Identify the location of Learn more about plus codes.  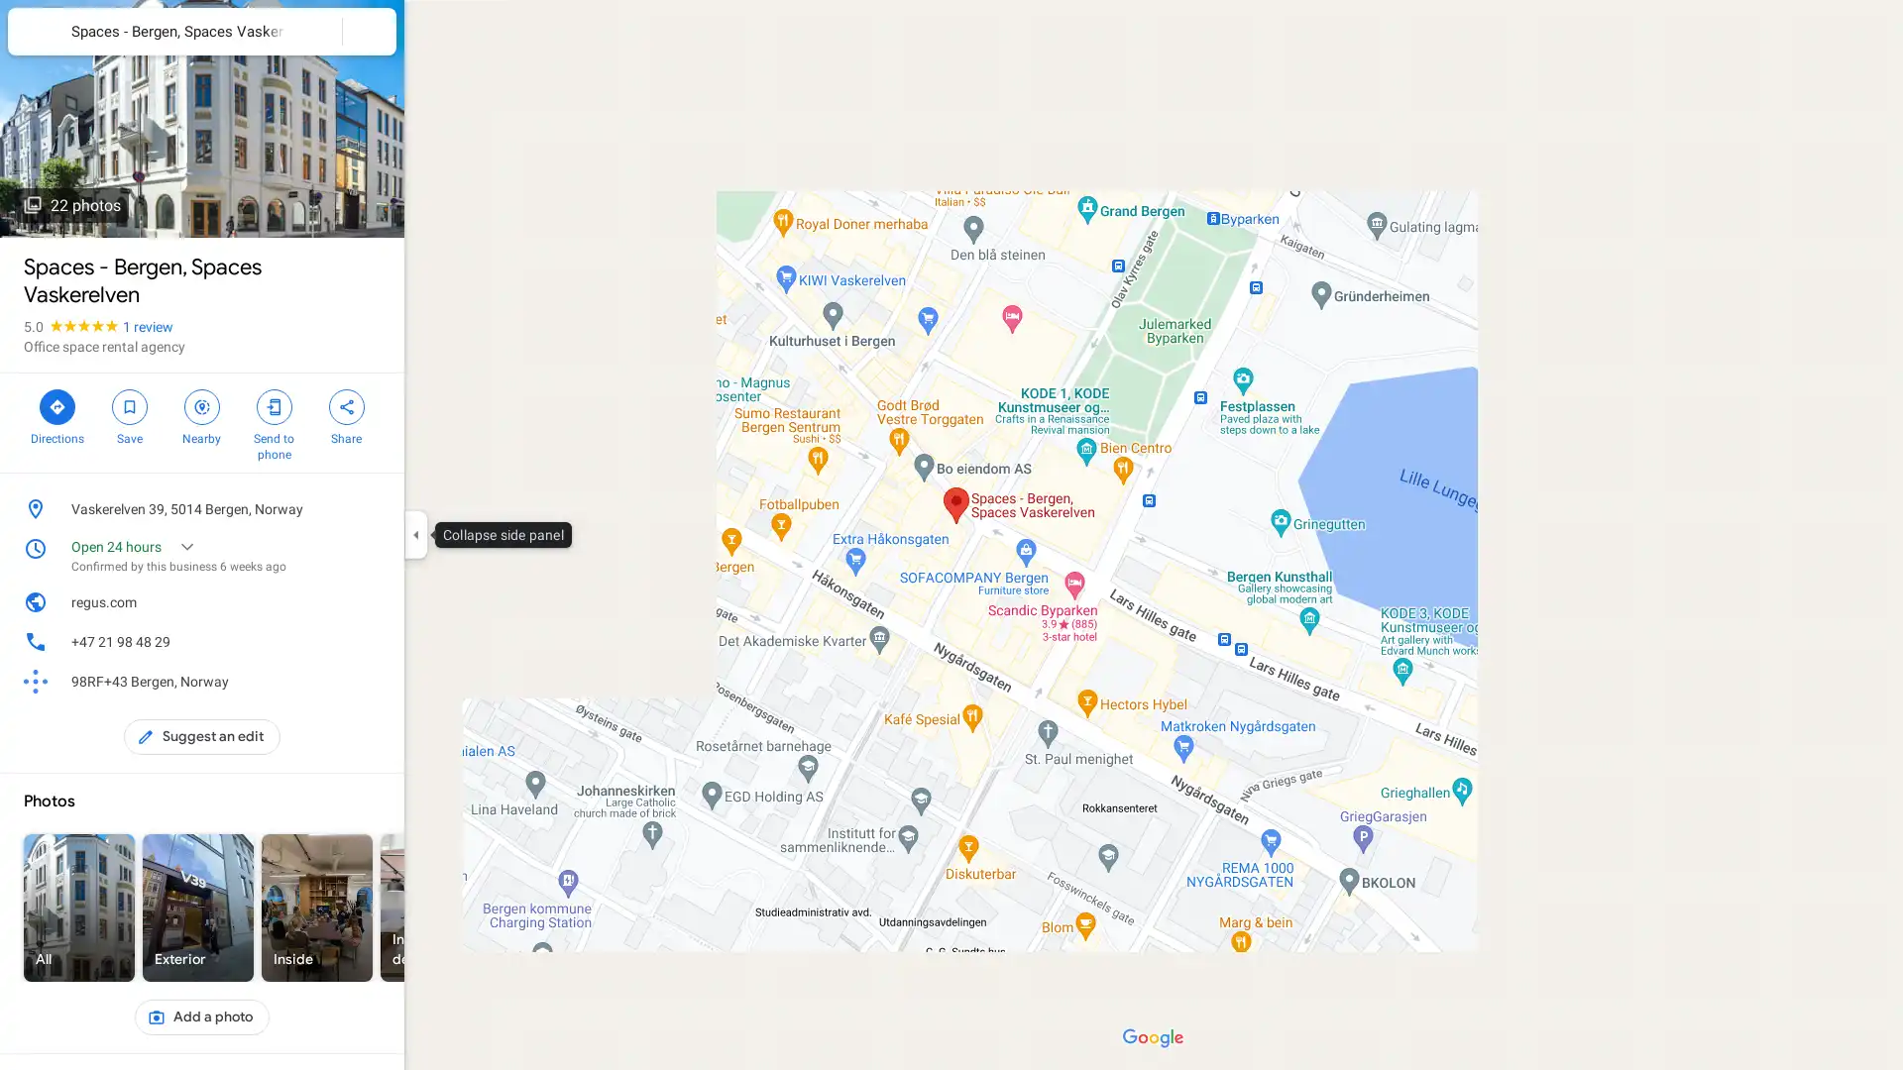
(371, 680).